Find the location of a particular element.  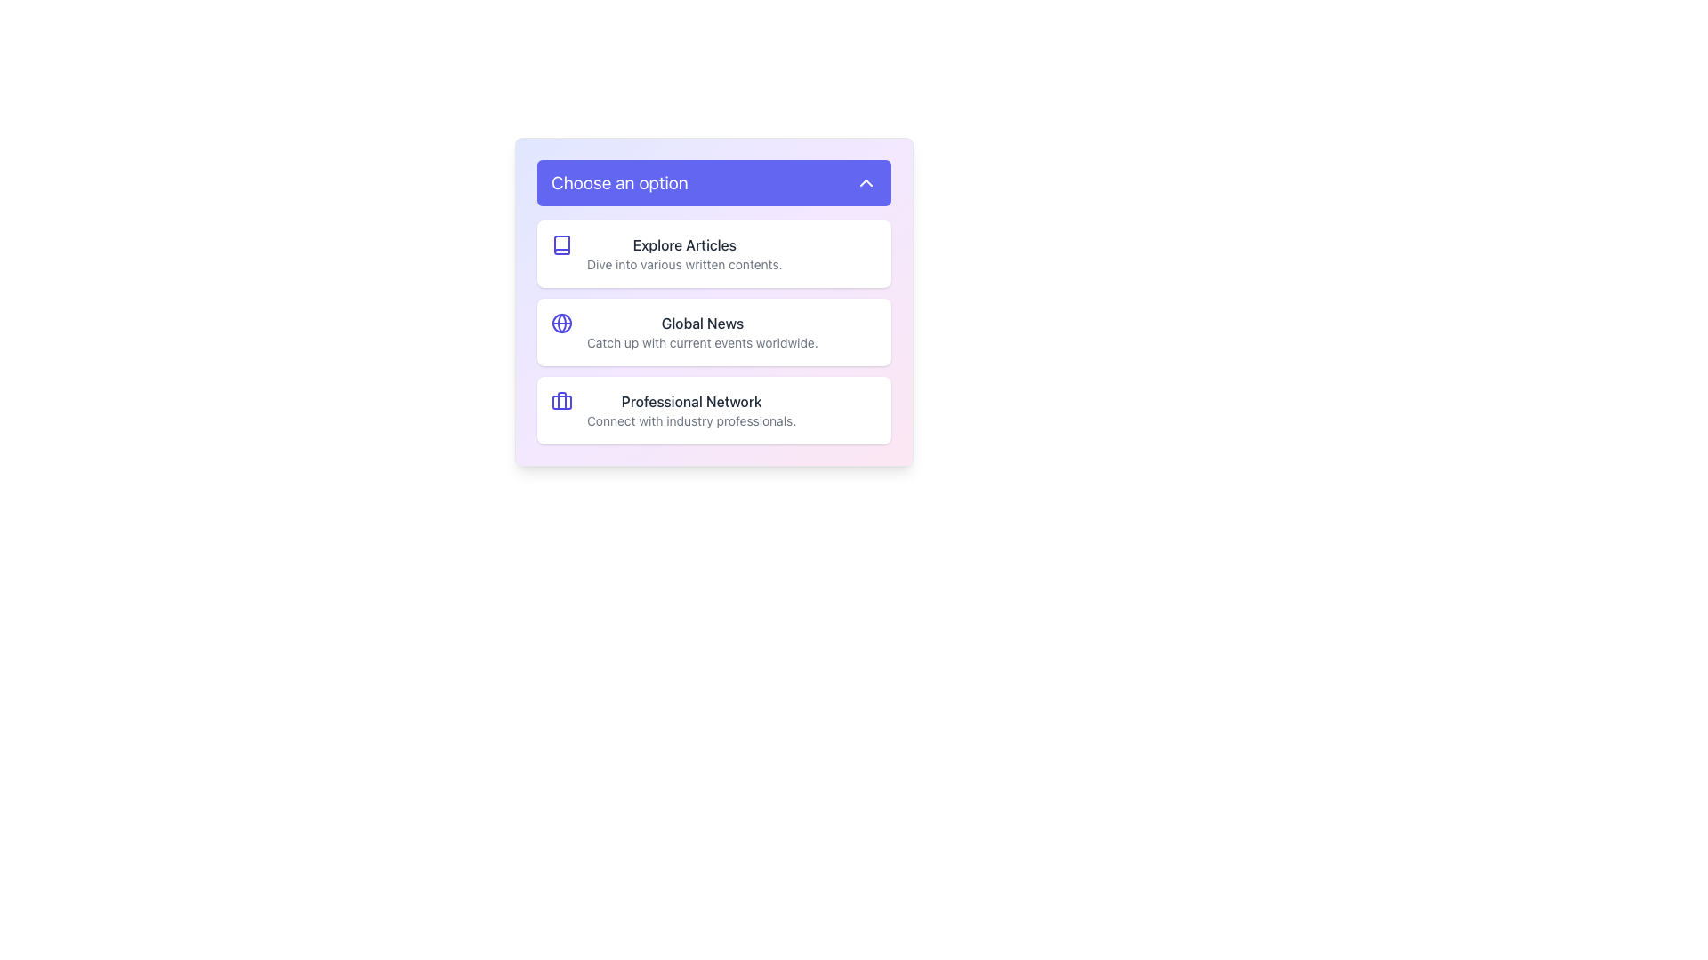

the second selectable card option in the vertically stacked group, which contains a title and descriptive text, positioned centrally below 'Explore Articles' and above 'Professional Network' is located at coordinates (713, 332).